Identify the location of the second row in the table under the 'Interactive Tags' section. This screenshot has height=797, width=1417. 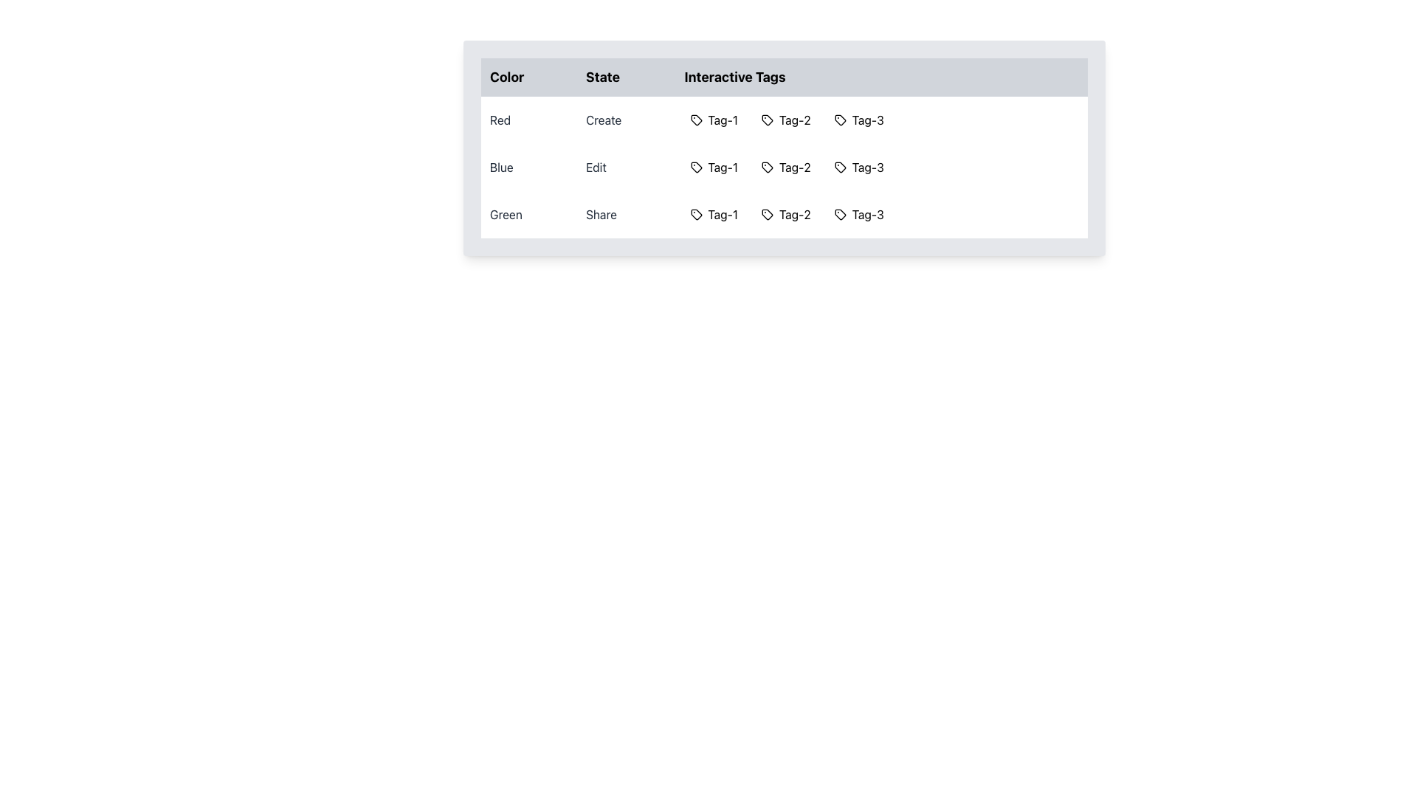
(783, 167).